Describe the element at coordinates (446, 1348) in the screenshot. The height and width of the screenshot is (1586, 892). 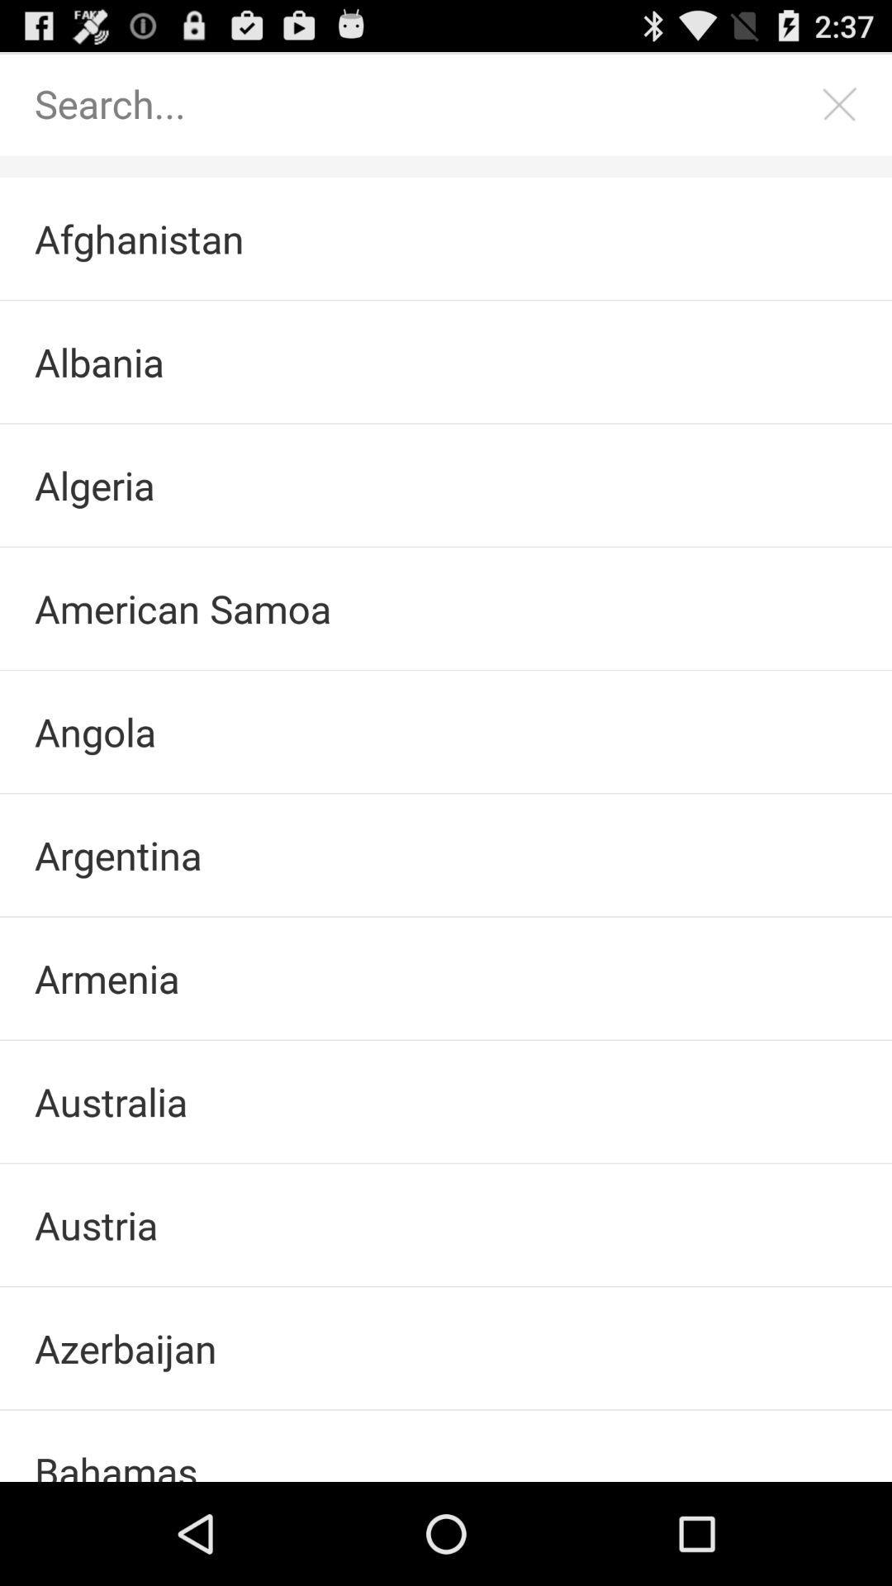
I see `icon below the austria` at that location.